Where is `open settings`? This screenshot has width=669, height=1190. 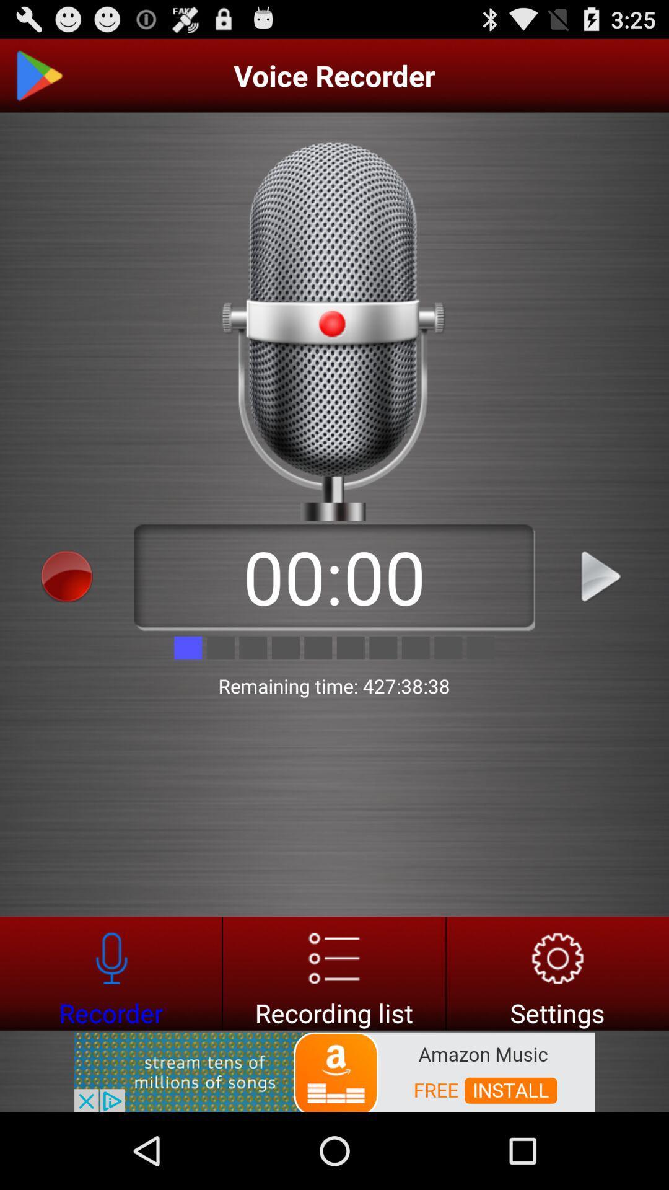 open settings is located at coordinates (557, 972).